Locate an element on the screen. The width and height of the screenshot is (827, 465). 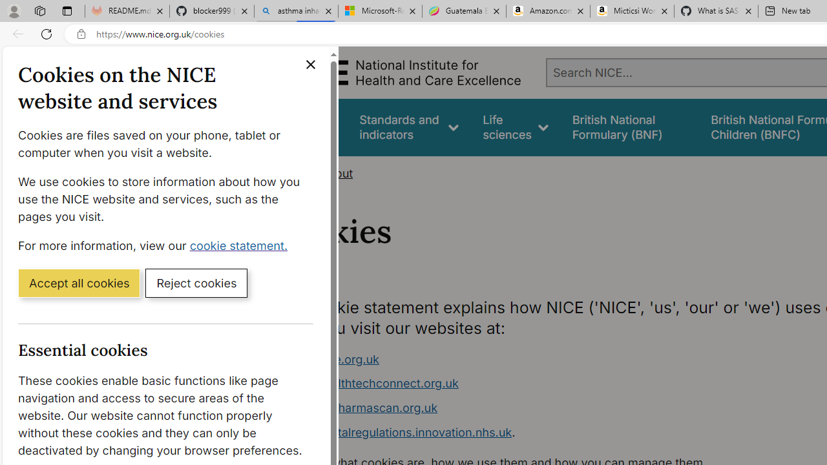
'Reject cookies' is located at coordinates (196, 282).